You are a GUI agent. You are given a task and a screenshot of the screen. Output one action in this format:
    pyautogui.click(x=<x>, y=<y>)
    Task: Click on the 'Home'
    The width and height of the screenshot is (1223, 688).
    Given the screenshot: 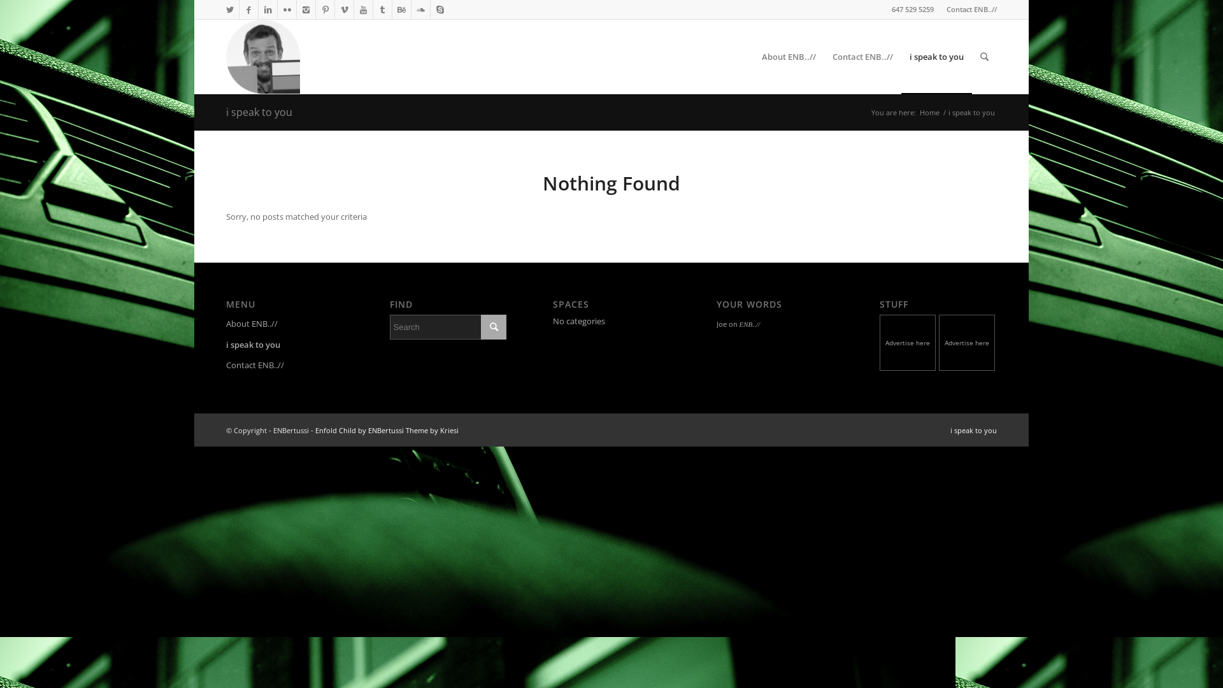 What is the action you would take?
    pyautogui.click(x=929, y=111)
    